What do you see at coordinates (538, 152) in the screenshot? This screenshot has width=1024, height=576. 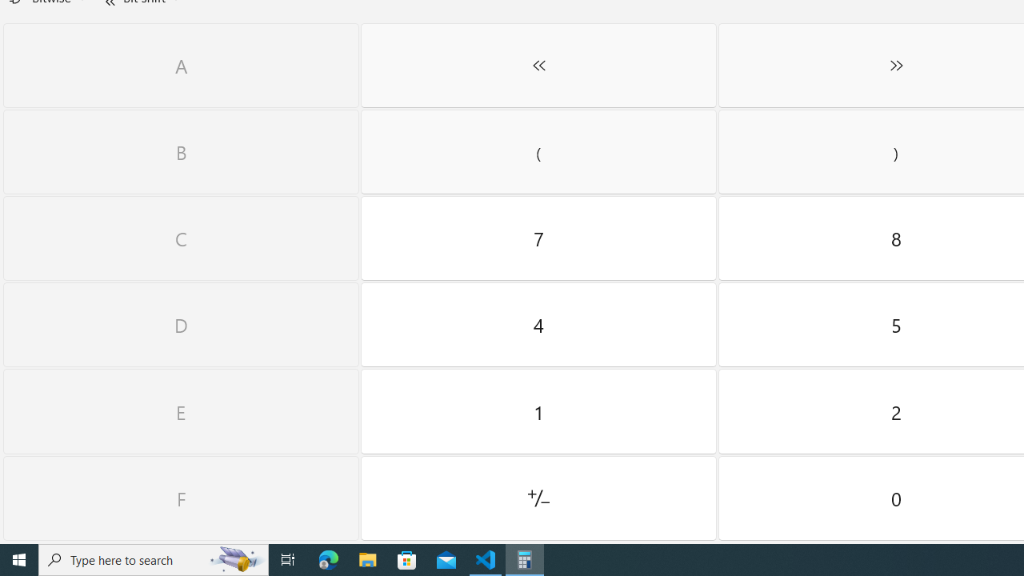 I see `'Left parenthesis'` at bounding box center [538, 152].